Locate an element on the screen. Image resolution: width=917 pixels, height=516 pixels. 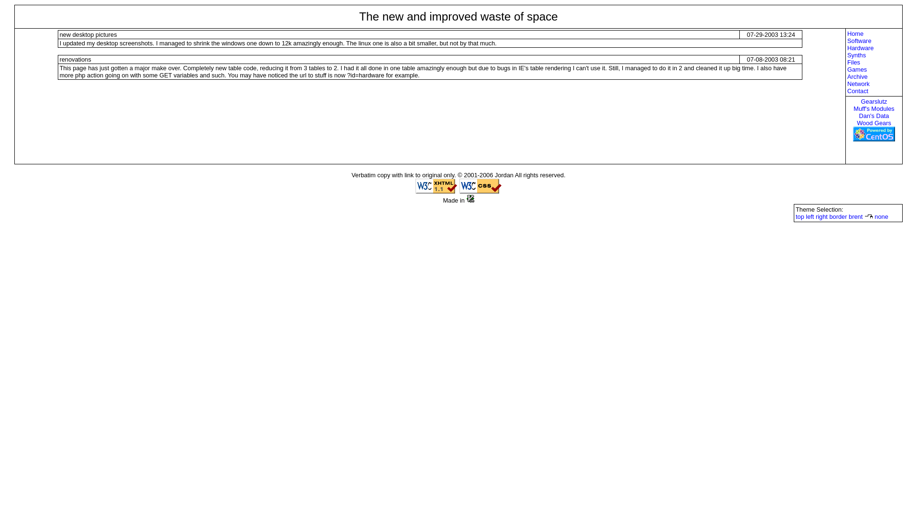
'Files' is located at coordinates (874, 62).